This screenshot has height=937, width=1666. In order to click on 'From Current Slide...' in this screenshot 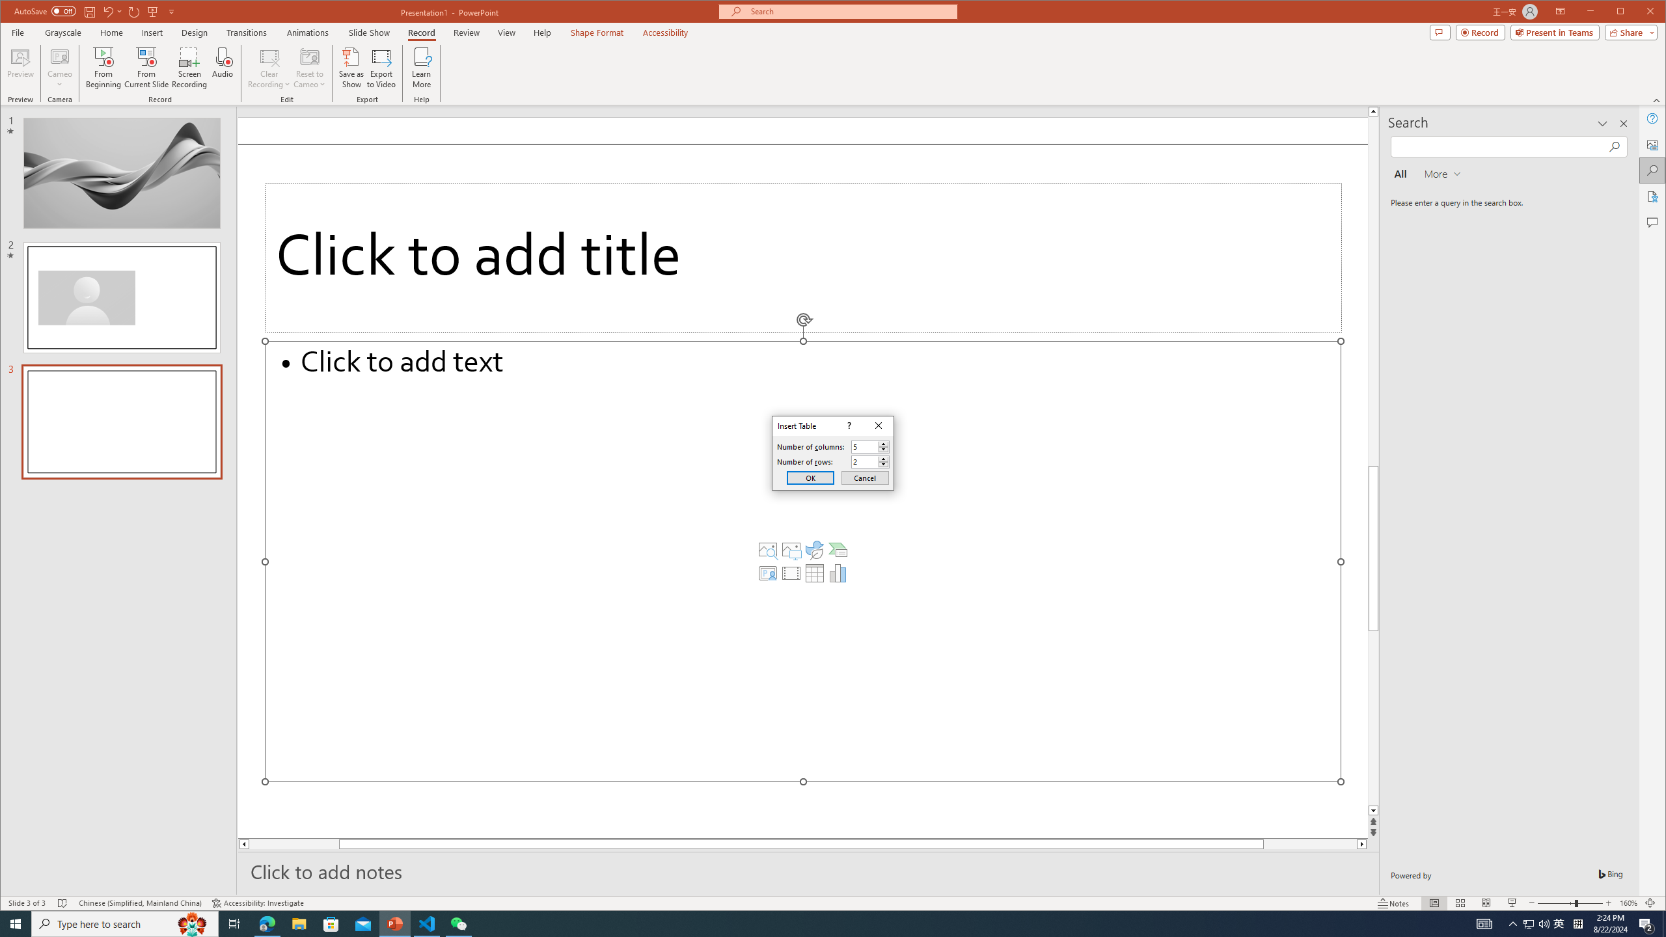, I will do `click(146, 67)`.